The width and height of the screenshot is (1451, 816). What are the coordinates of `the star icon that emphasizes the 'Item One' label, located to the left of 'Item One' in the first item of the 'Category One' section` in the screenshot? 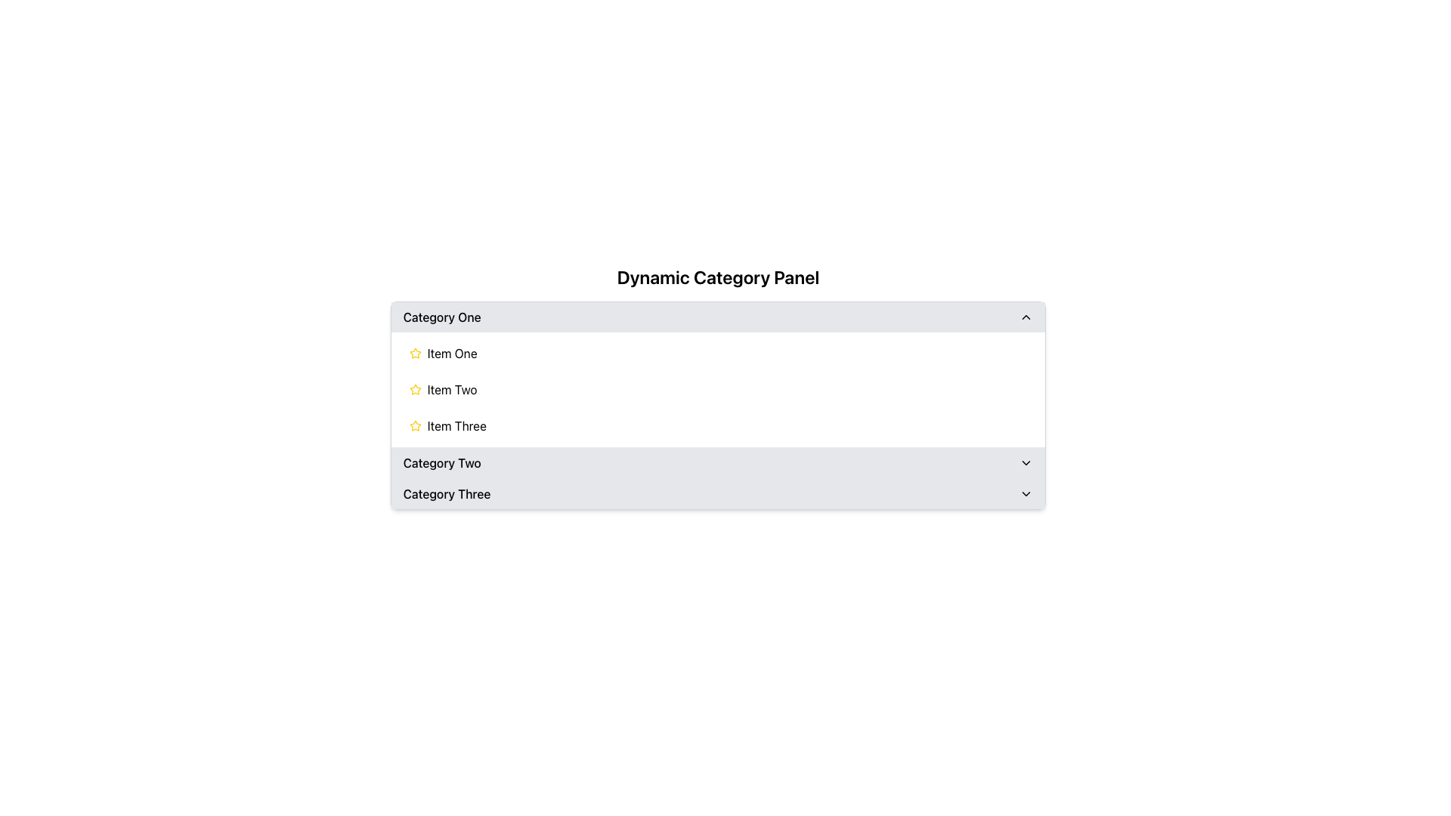 It's located at (415, 353).